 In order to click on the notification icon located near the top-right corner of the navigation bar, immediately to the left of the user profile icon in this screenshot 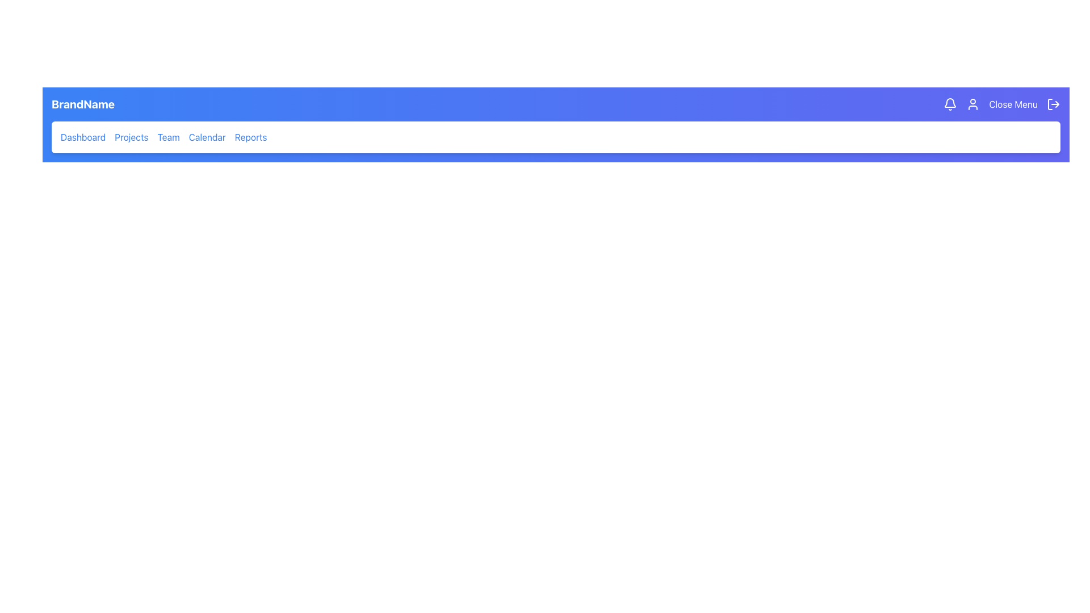, I will do `click(950, 103)`.